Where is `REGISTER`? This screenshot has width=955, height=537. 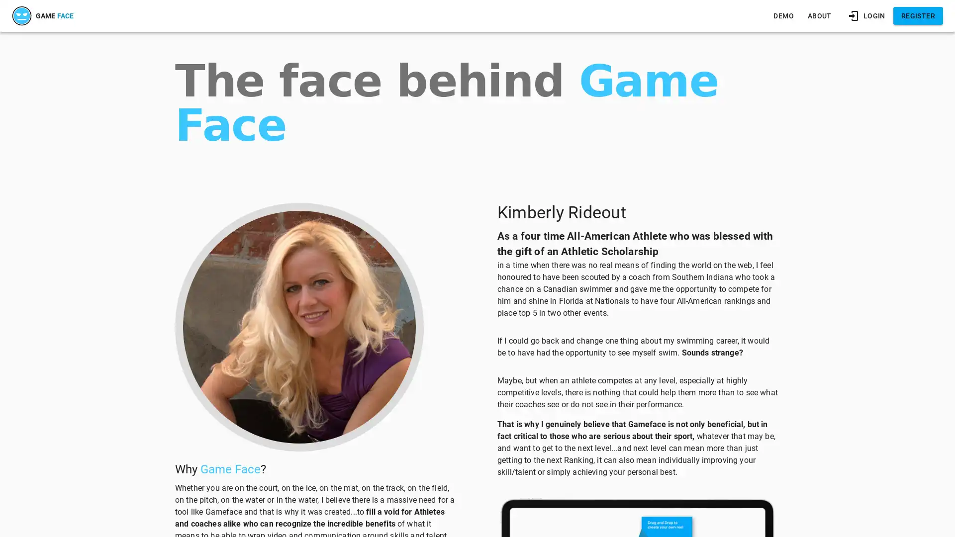
REGISTER is located at coordinates (917, 15).